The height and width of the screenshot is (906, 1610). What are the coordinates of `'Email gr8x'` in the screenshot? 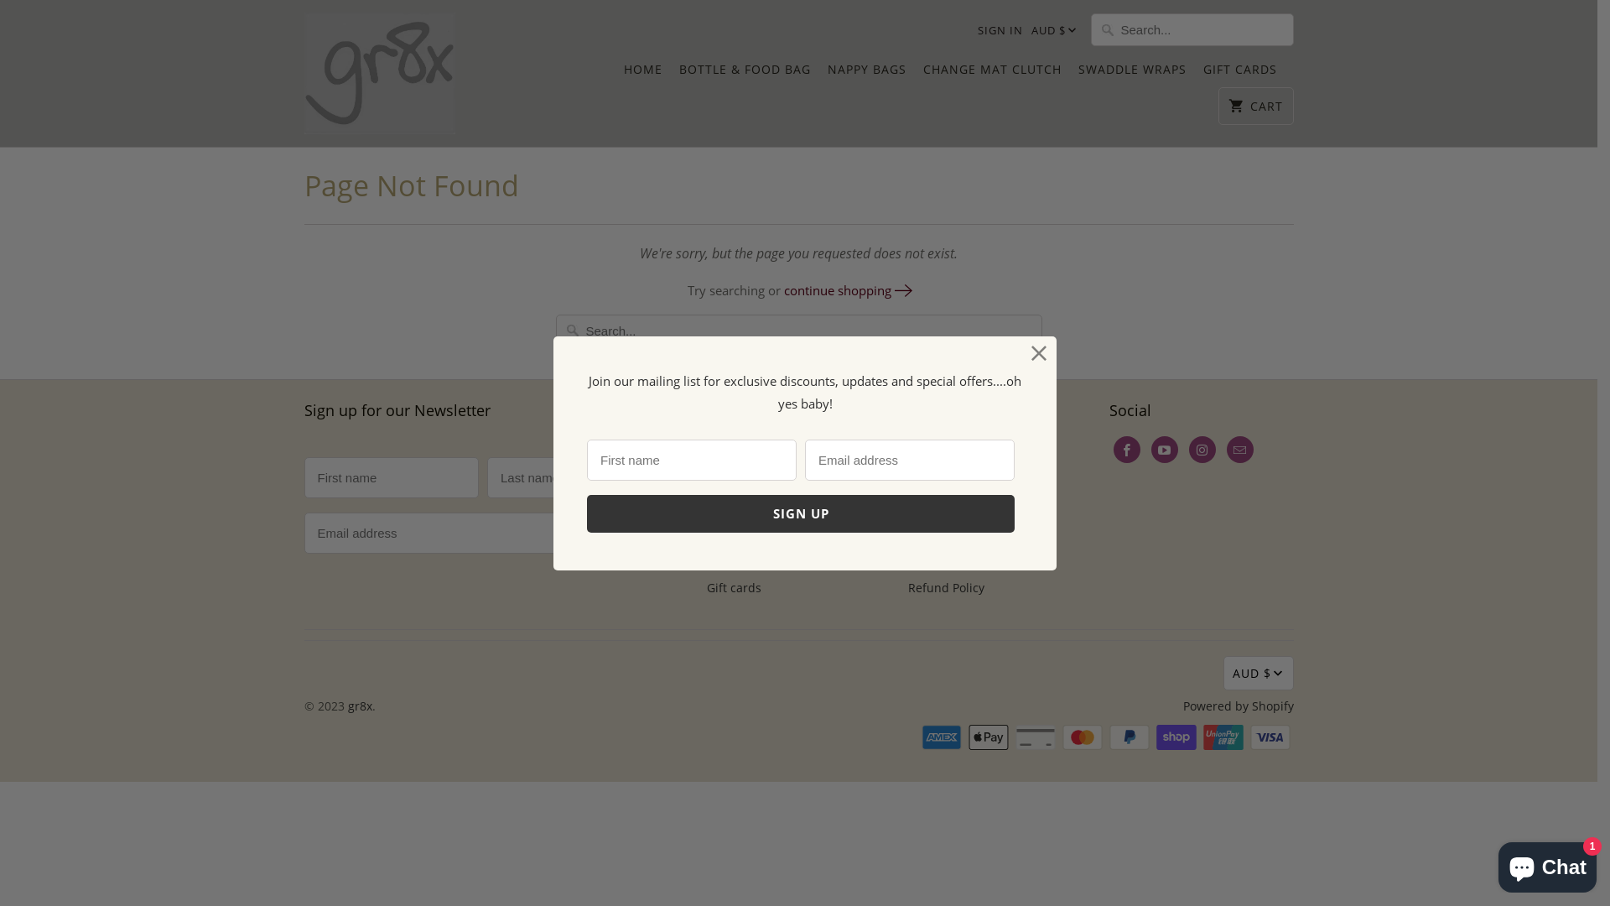 It's located at (1226, 449).